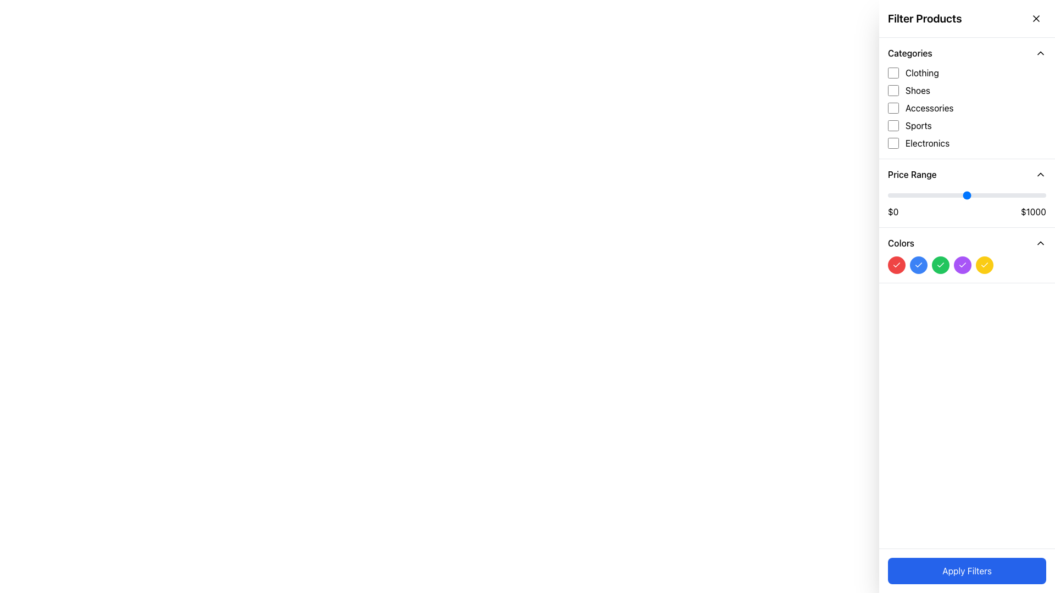 The image size is (1055, 593). I want to click on the Interactive color option group composed of buttons for color selection, located beneath the 'Colors' section header in the right-hand side filter panel, so click(967, 265).